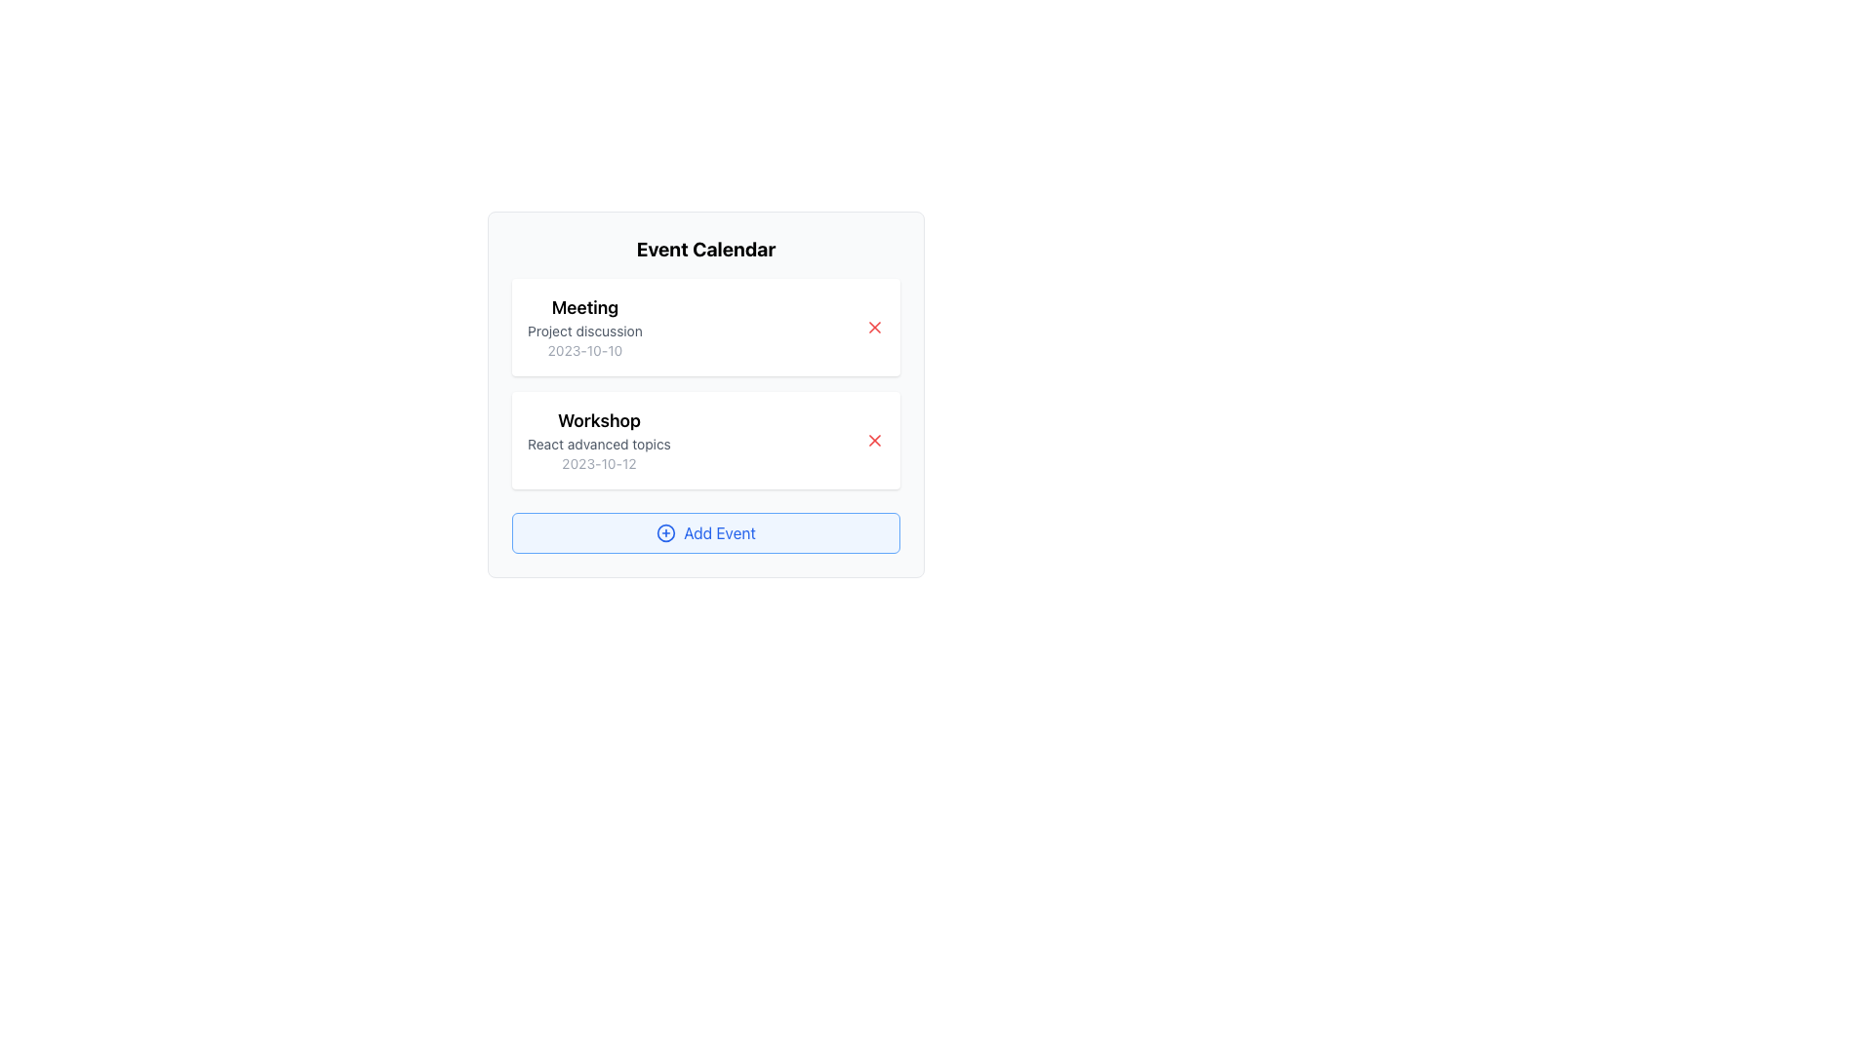 The height and width of the screenshot is (1053, 1873). What do you see at coordinates (584, 349) in the screenshot?
I see `the small gray text label displaying the date '2023-10-10', which is positioned under the 'Project discussion' line in the vertical stack of elements under the title 'Meeting'` at bounding box center [584, 349].